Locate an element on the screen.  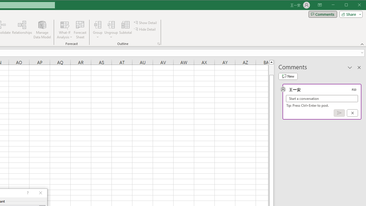
'Close pane' is located at coordinates (359, 67).